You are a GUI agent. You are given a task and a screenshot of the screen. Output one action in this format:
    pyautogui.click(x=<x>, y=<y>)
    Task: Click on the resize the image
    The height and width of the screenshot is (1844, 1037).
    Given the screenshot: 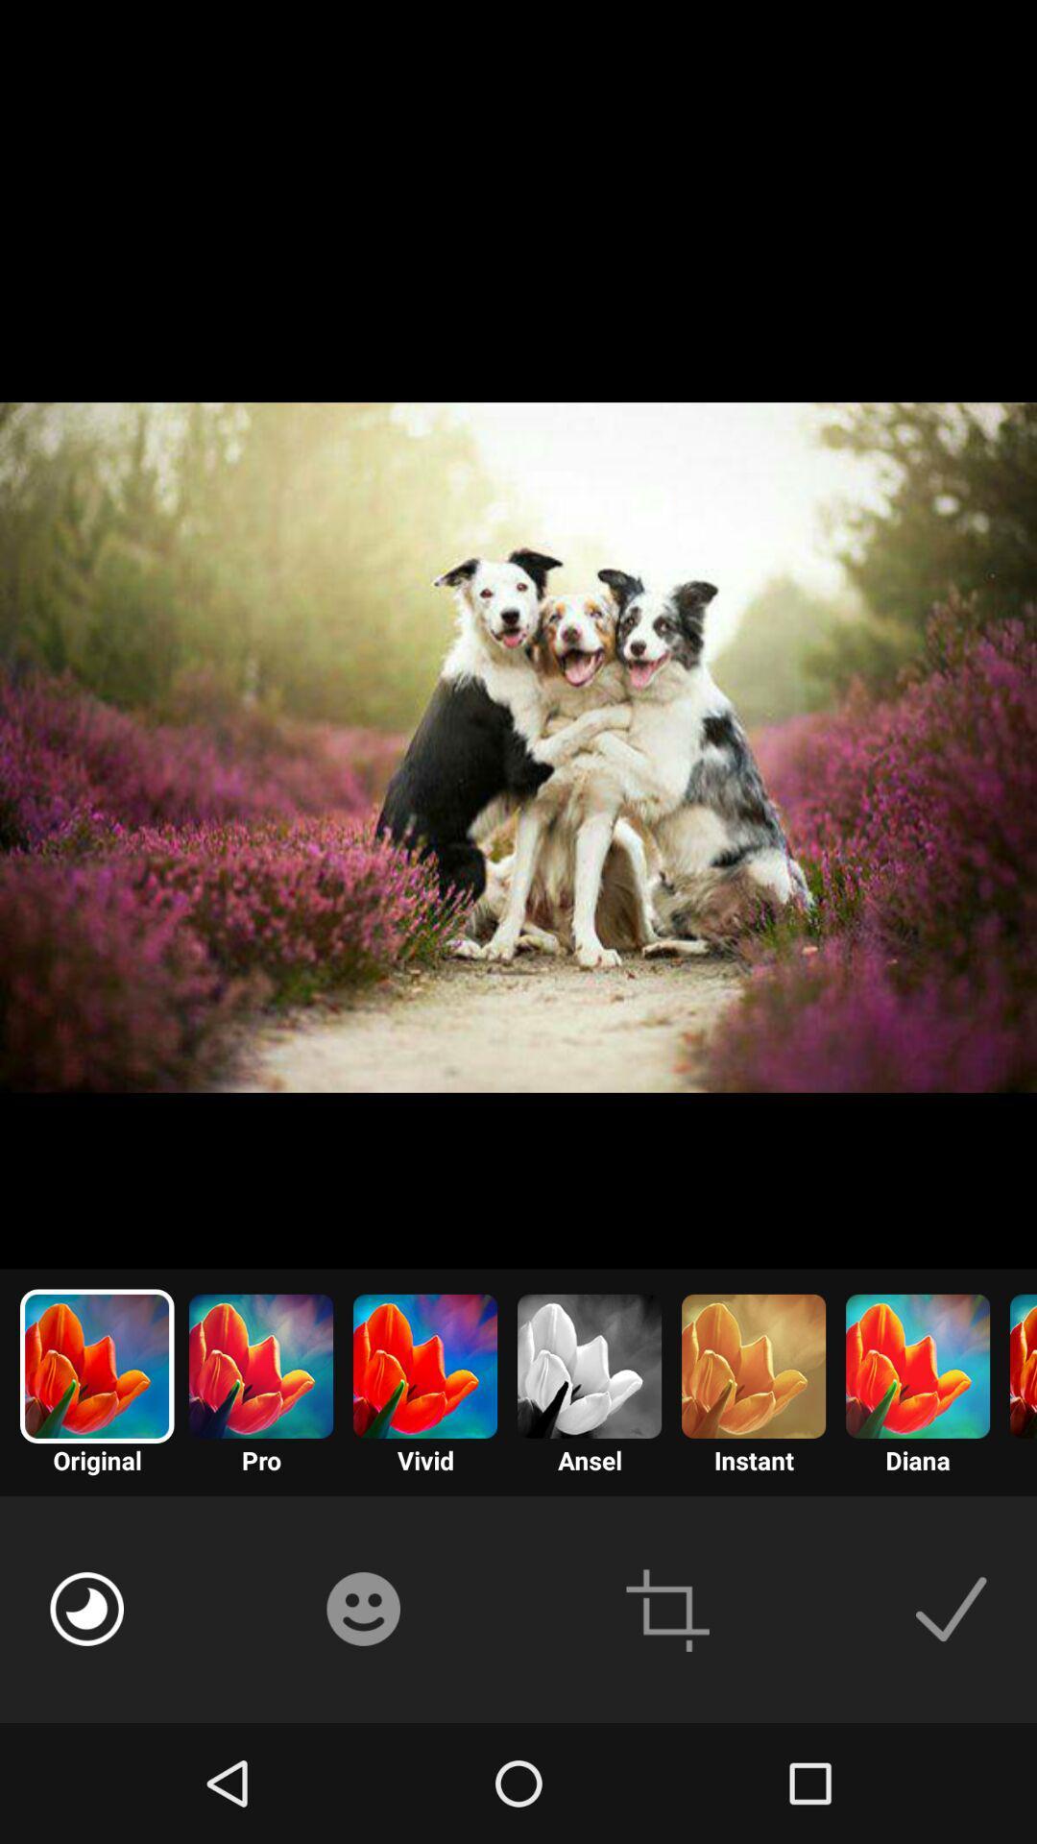 What is the action you would take?
    pyautogui.click(x=666, y=1609)
    